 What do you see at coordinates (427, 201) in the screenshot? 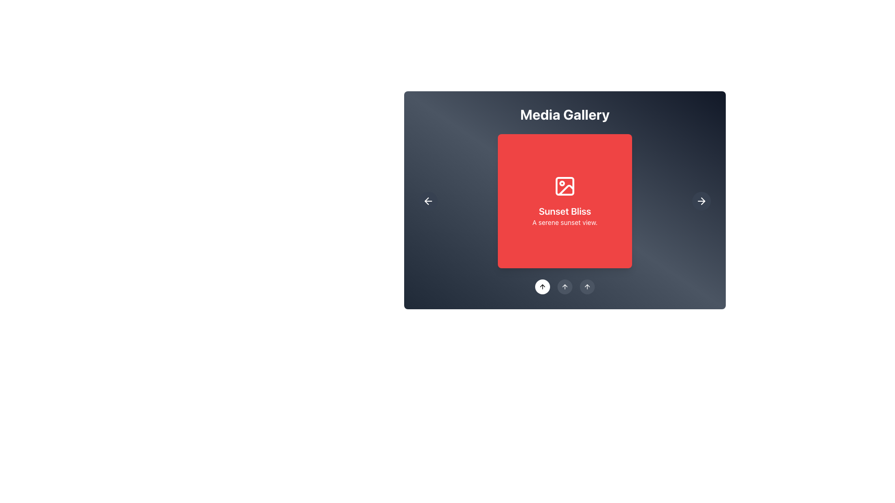
I see `the left arrow SVG icon within the circular button that has a gray background, located on the left side of the interface` at bounding box center [427, 201].